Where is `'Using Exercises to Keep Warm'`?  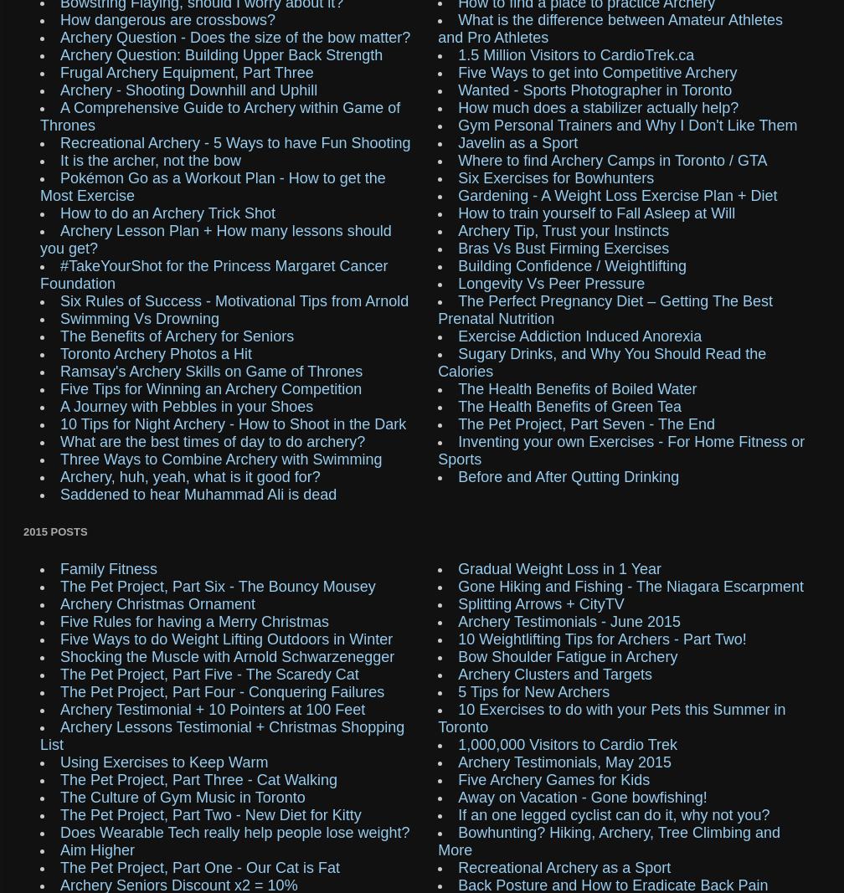
'Using Exercises to Keep Warm' is located at coordinates (163, 762).